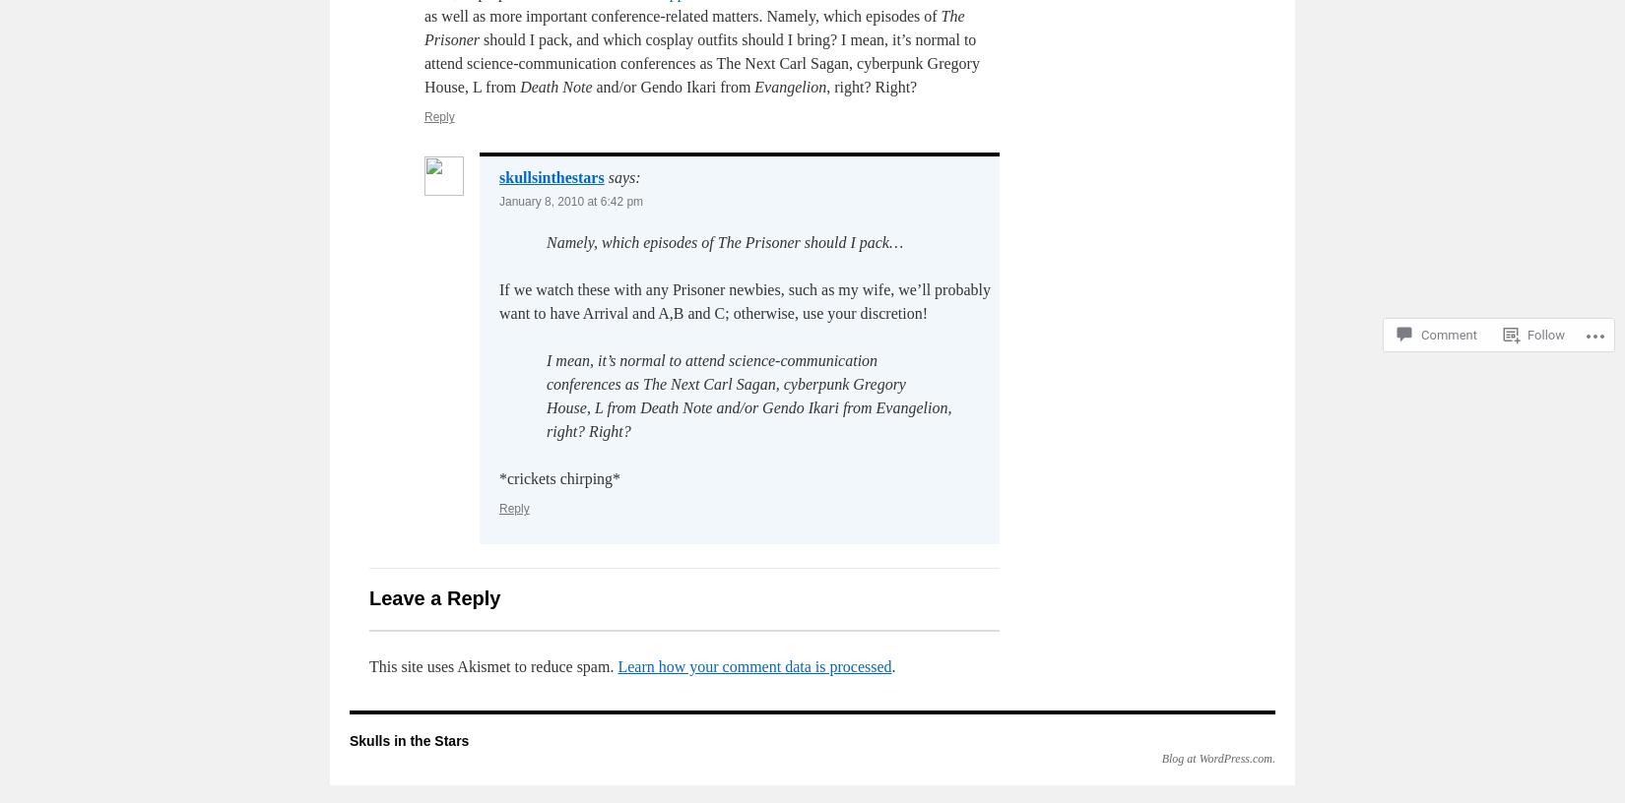 The image size is (1625, 803). Describe the element at coordinates (491, 665) in the screenshot. I see `'This site uses Akismet to reduce spam.'` at that location.